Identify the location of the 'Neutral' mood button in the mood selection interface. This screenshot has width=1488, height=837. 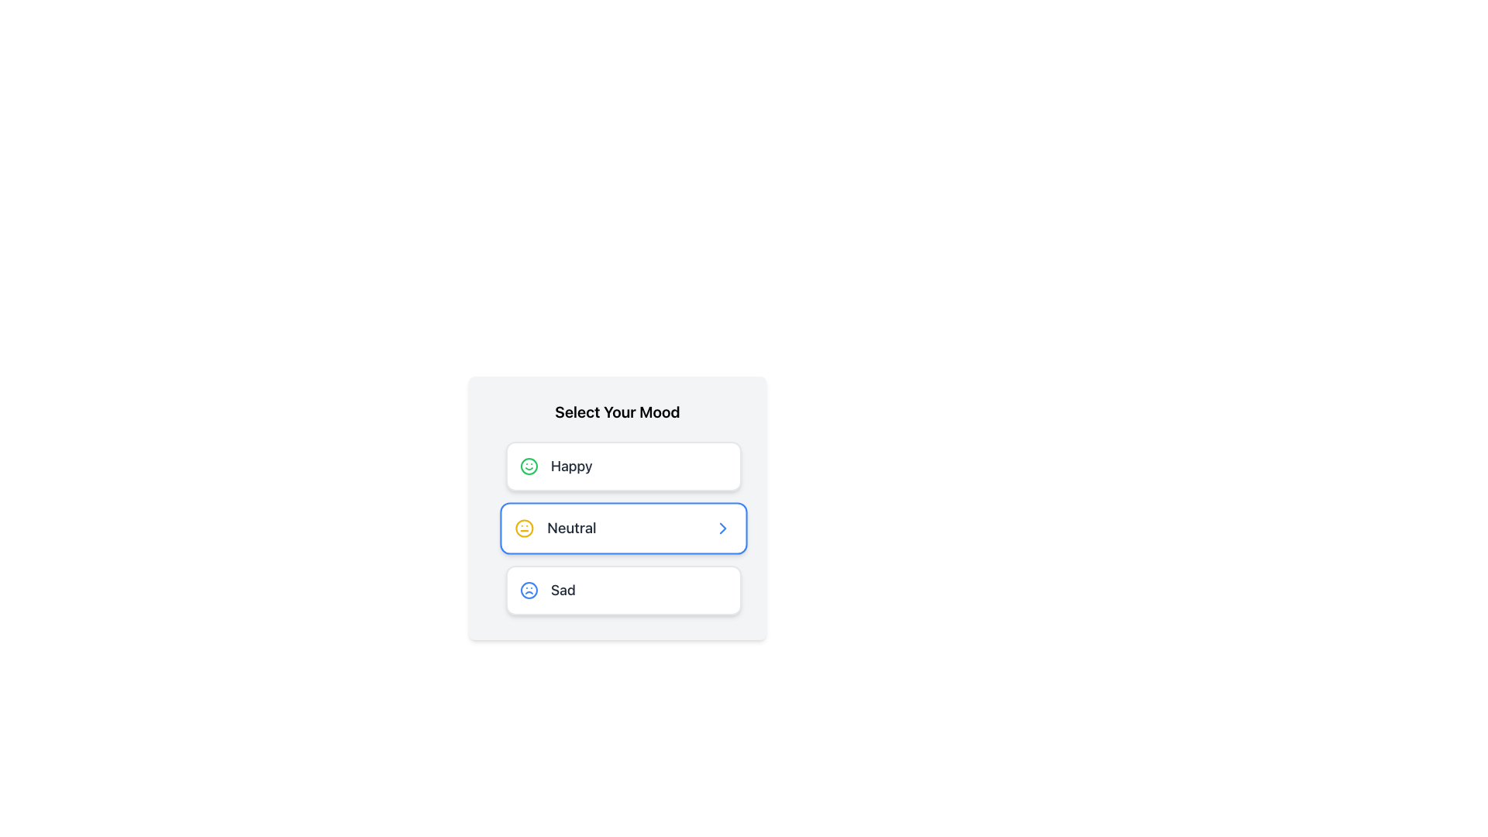
(624, 528).